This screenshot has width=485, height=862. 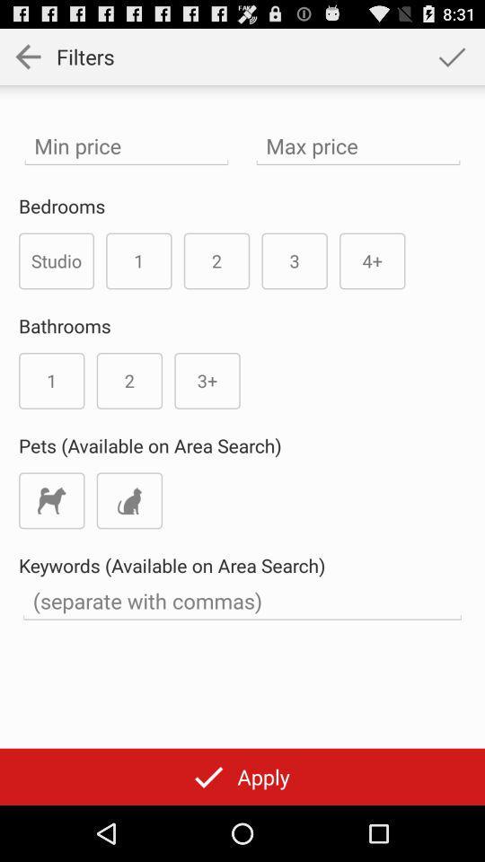 What do you see at coordinates (242, 776) in the screenshot?
I see `apply button` at bounding box center [242, 776].